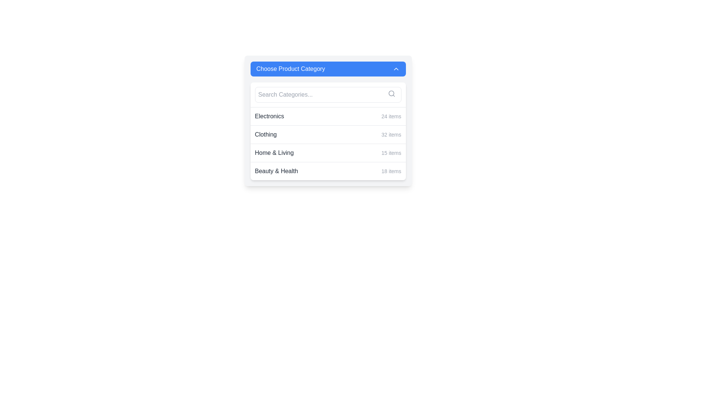 The image size is (717, 403). Describe the element at coordinates (328, 171) in the screenshot. I see `the fourth selectable category option in the menu titled 'Choose Product Category', which is labeled 'Beauty & Health'` at that location.